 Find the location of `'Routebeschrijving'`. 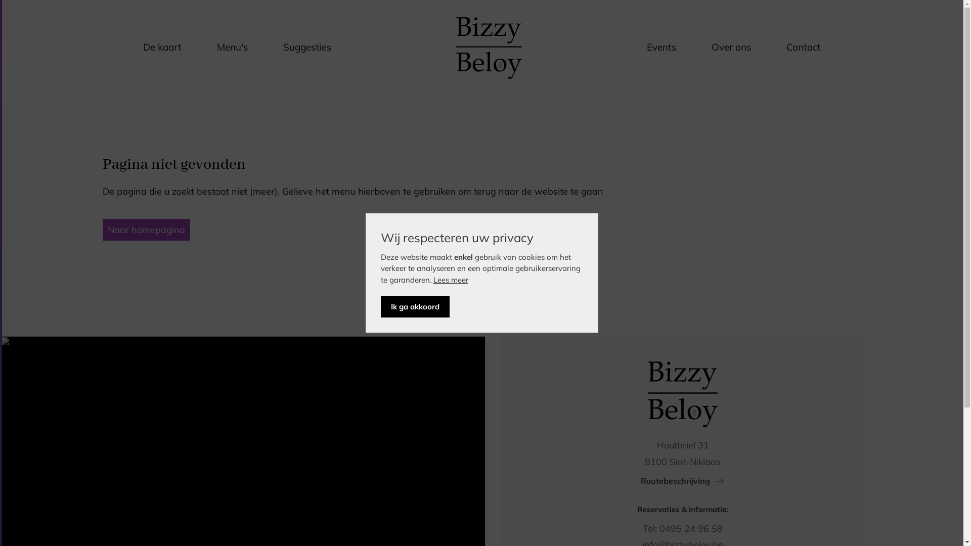

'Routebeschrijving' is located at coordinates (682, 480).